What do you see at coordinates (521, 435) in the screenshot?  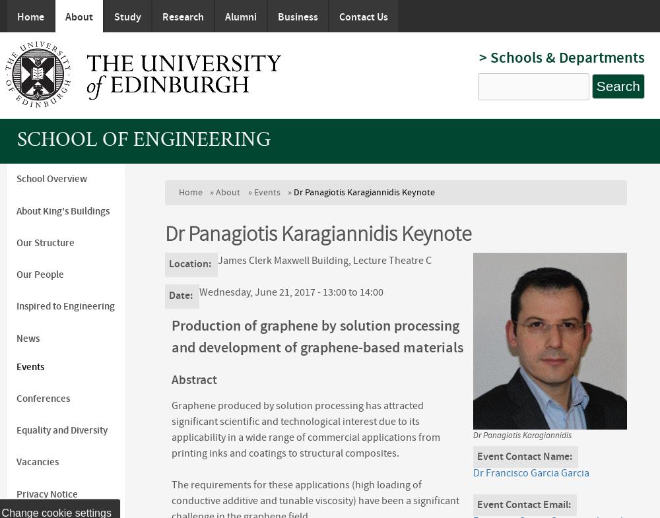 I see `'Dr Panagiotis Karagiannidis'` at bounding box center [521, 435].